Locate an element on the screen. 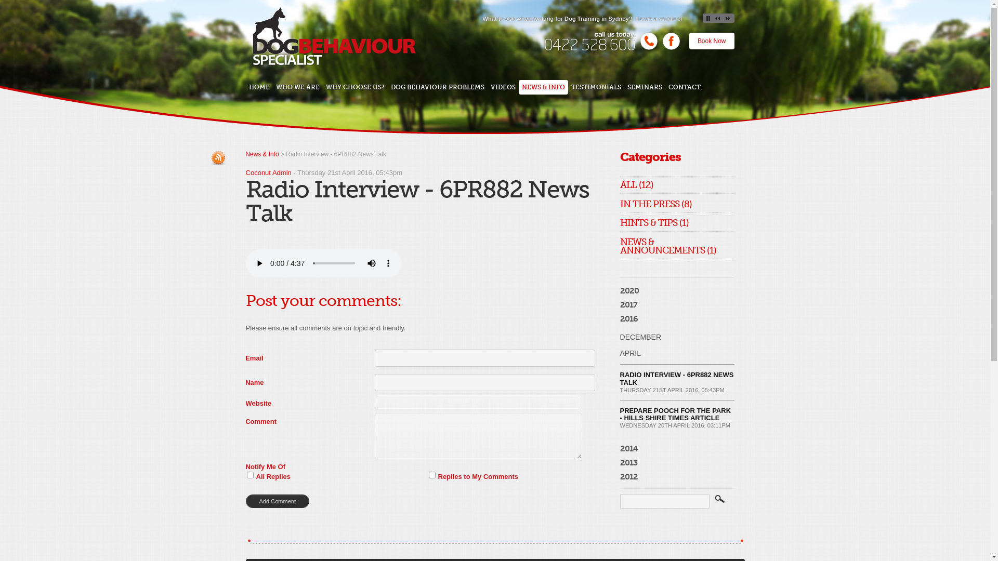 The width and height of the screenshot is (998, 561). 'DOG BEHAVIOUR PROBLEMS' is located at coordinates (437, 87).